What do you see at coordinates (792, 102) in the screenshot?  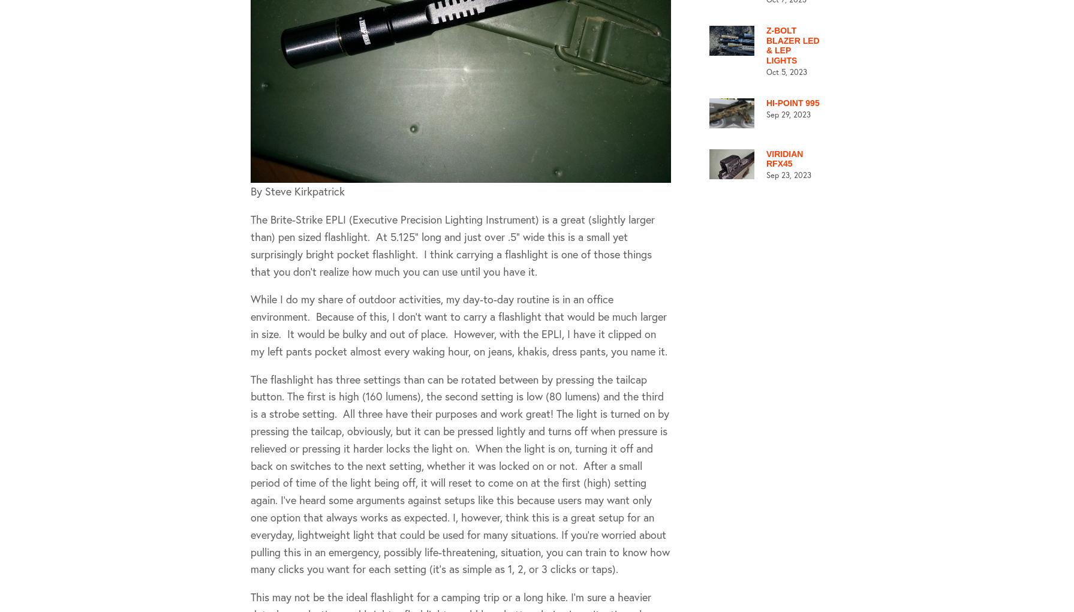 I see `'Hi-Point 995'` at bounding box center [792, 102].